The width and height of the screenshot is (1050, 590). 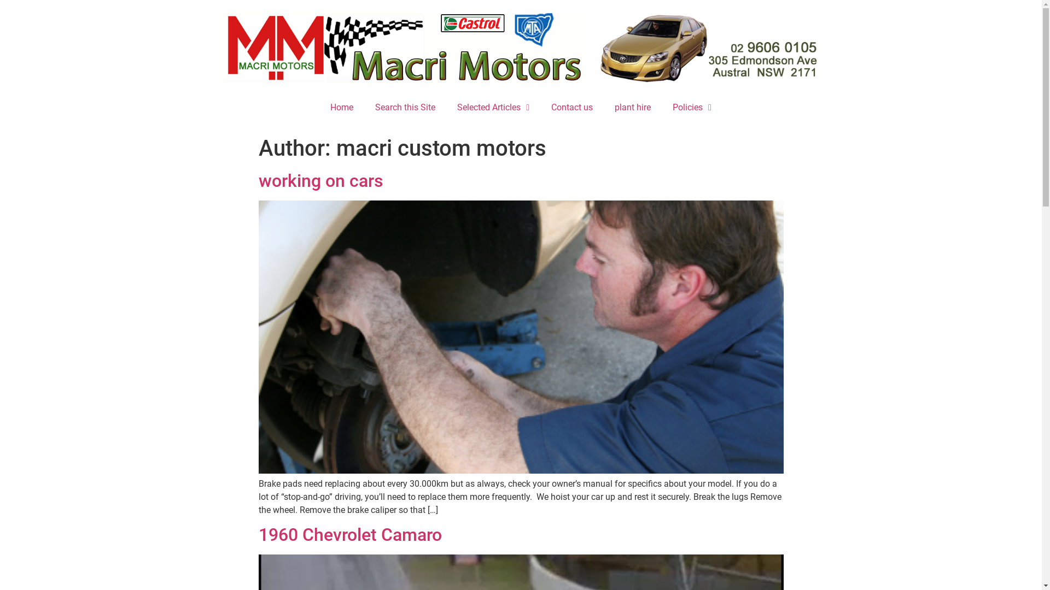 I want to click on 'plant hire', so click(x=632, y=107).